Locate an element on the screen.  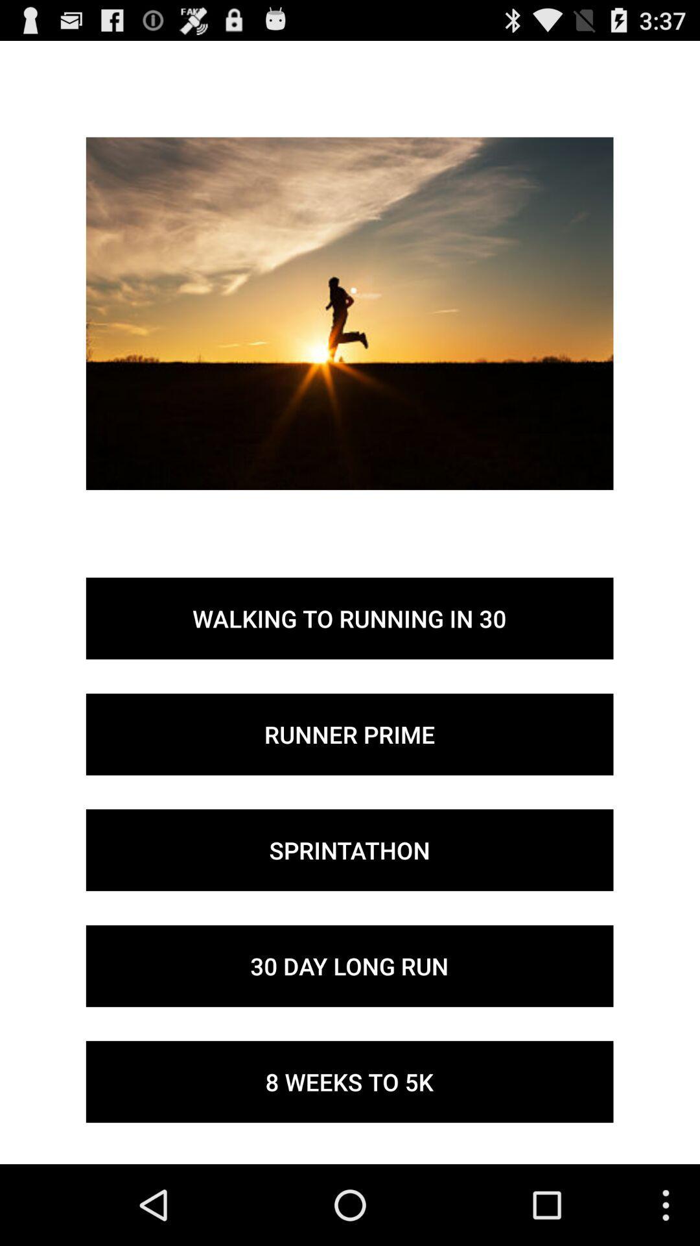
the 8 weeks to button is located at coordinates (349, 1082).